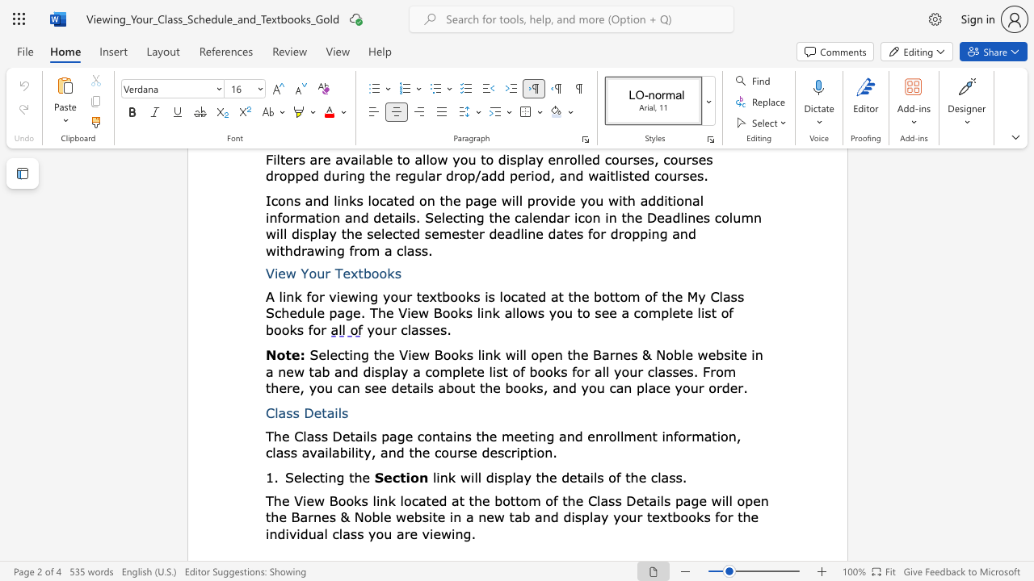  What do you see at coordinates (309, 452) in the screenshot?
I see `the subset text "vailabilit" within the text "the meeting and enrollment information, class availability, and the course description."` at bounding box center [309, 452].